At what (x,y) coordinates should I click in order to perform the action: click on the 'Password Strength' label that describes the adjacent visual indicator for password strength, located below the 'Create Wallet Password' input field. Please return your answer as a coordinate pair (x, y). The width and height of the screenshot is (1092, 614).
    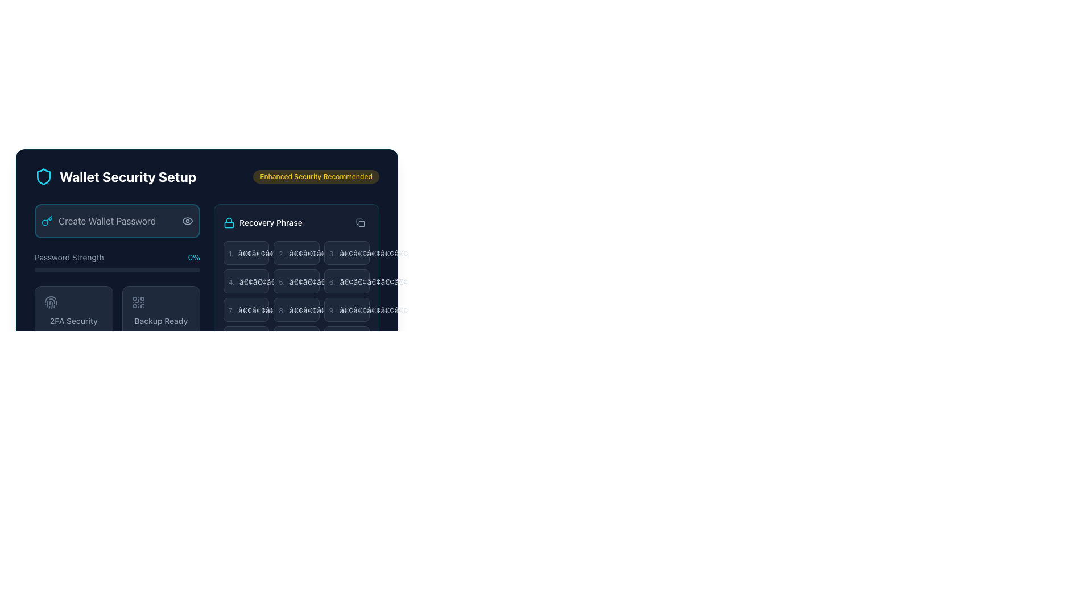
    Looking at the image, I should click on (68, 257).